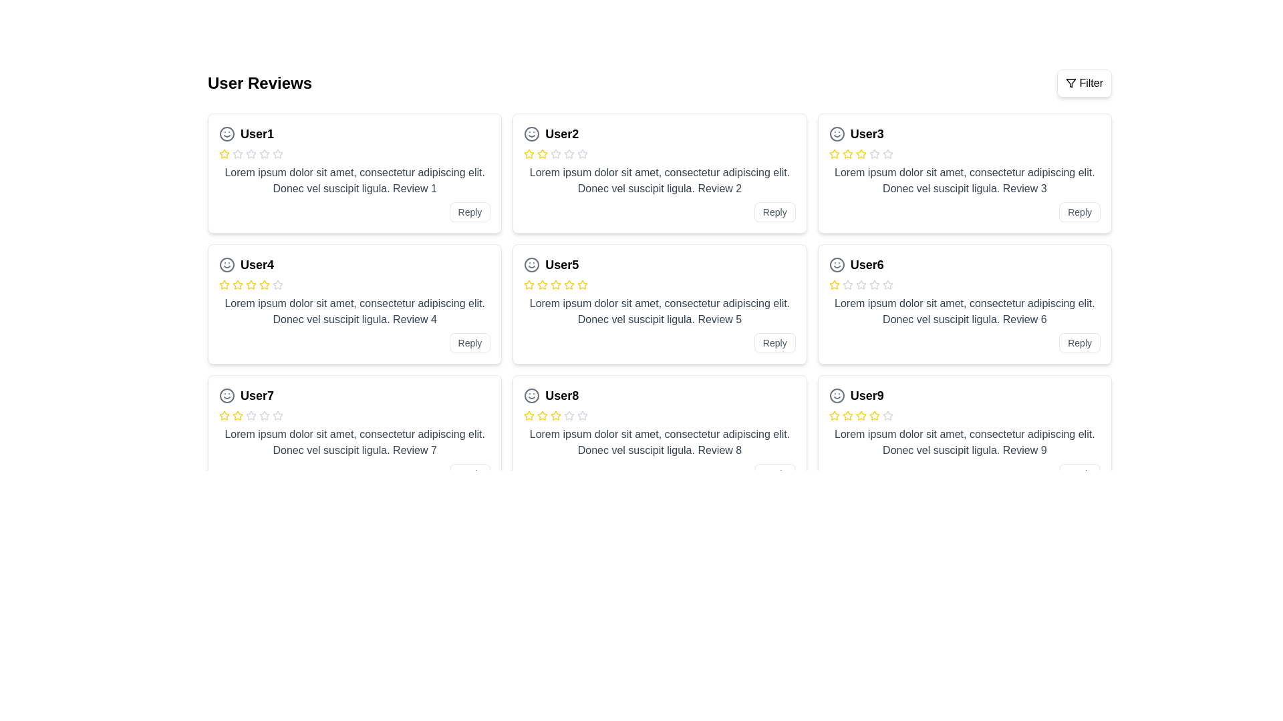  I want to click on the static text block displaying the review content for 'User4', which is styled in gray and positioned below the star rating and above the 'Reply' button, so click(355, 311).